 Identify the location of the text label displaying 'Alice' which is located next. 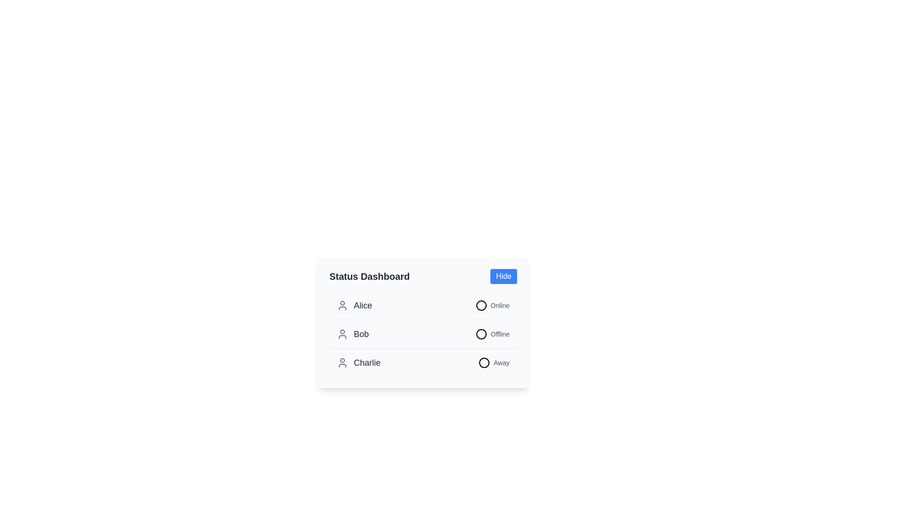
(362, 306).